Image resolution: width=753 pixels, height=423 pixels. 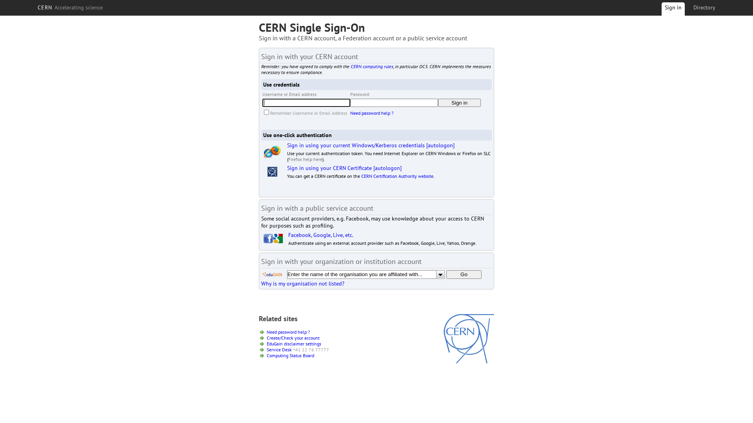 I want to click on 'CERN Accelerating science', so click(x=70, y=7).